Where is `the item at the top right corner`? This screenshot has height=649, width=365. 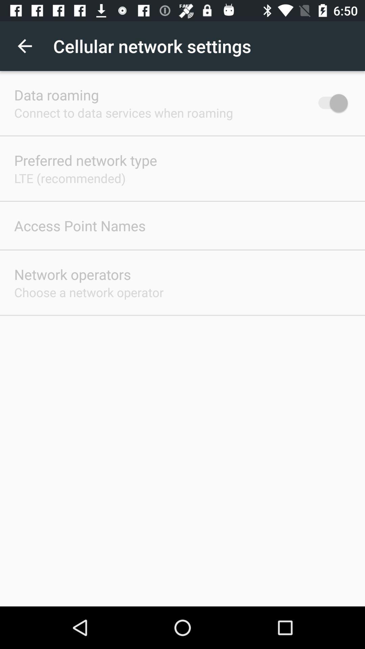
the item at the top right corner is located at coordinates (329, 102).